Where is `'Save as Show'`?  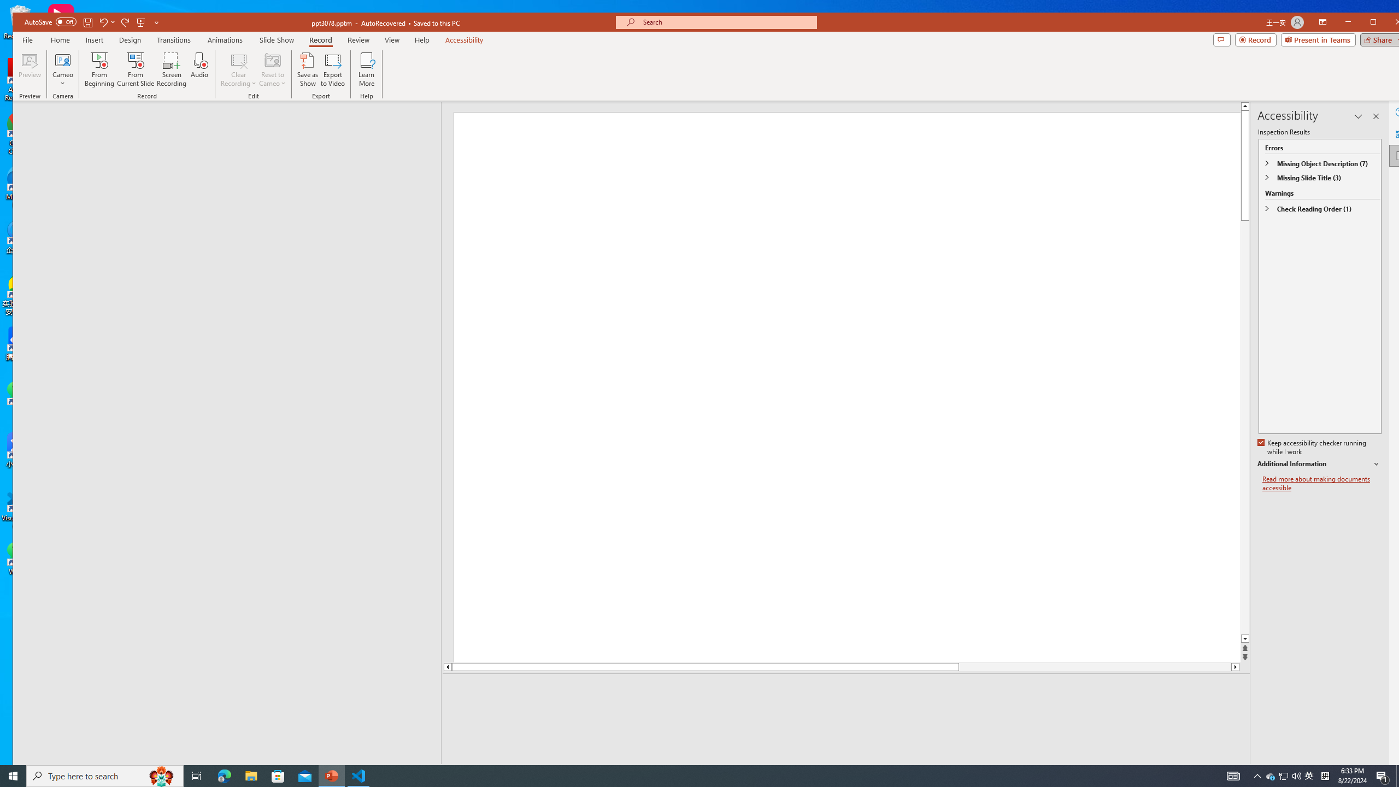 'Save as Show' is located at coordinates (308, 69).